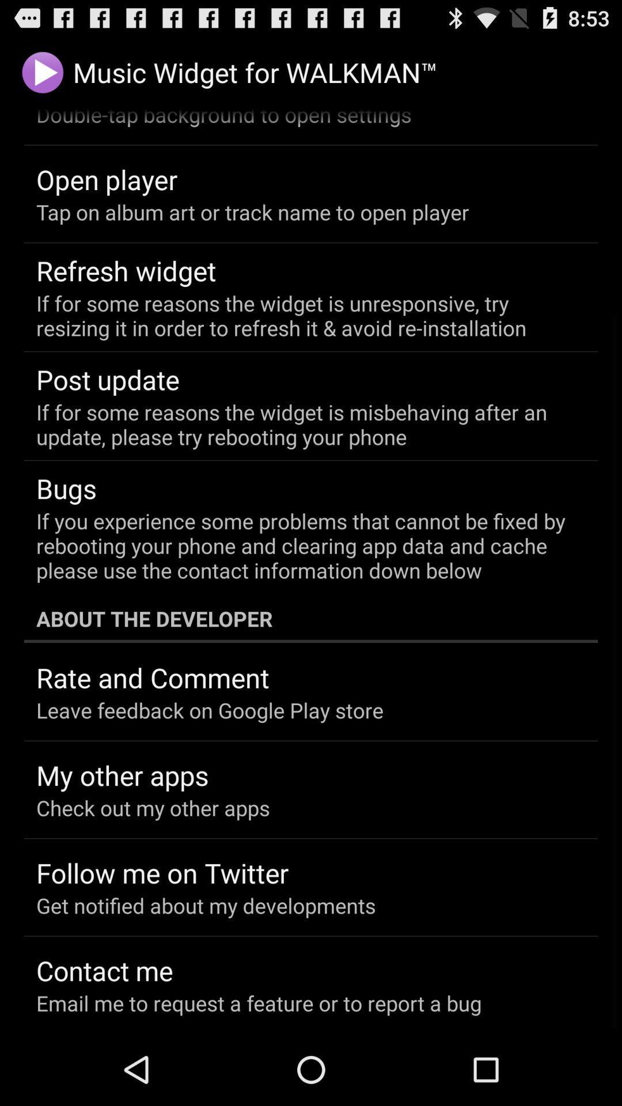 The image size is (622, 1106). Describe the element at coordinates (252, 212) in the screenshot. I see `the app above refresh widget app` at that location.